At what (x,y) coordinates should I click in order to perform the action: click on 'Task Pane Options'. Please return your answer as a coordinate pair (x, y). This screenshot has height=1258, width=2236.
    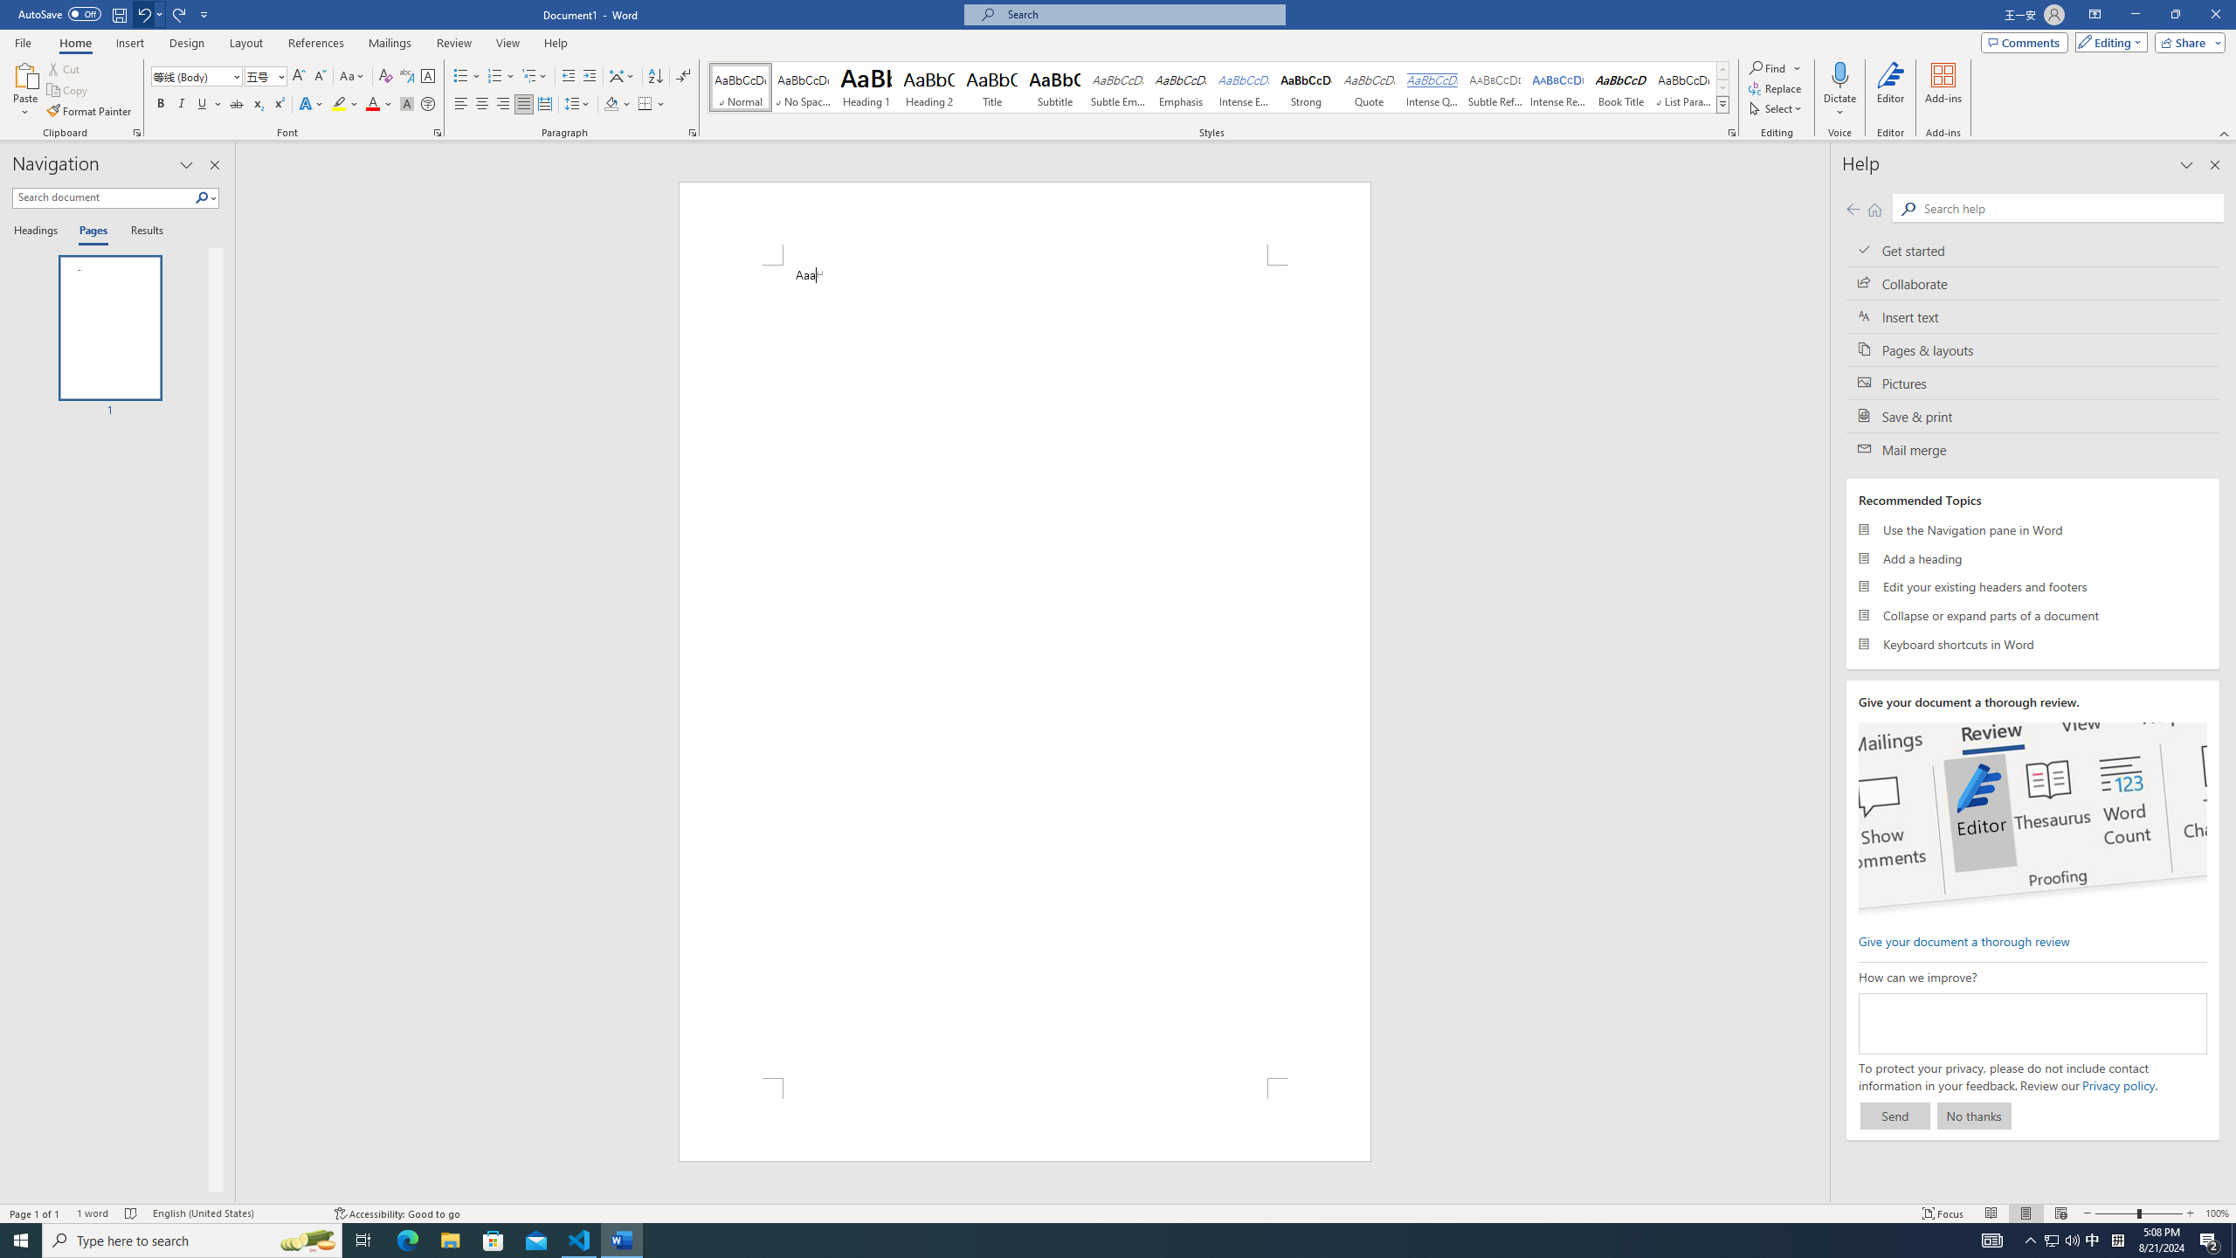
    Looking at the image, I should click on (185, 164).